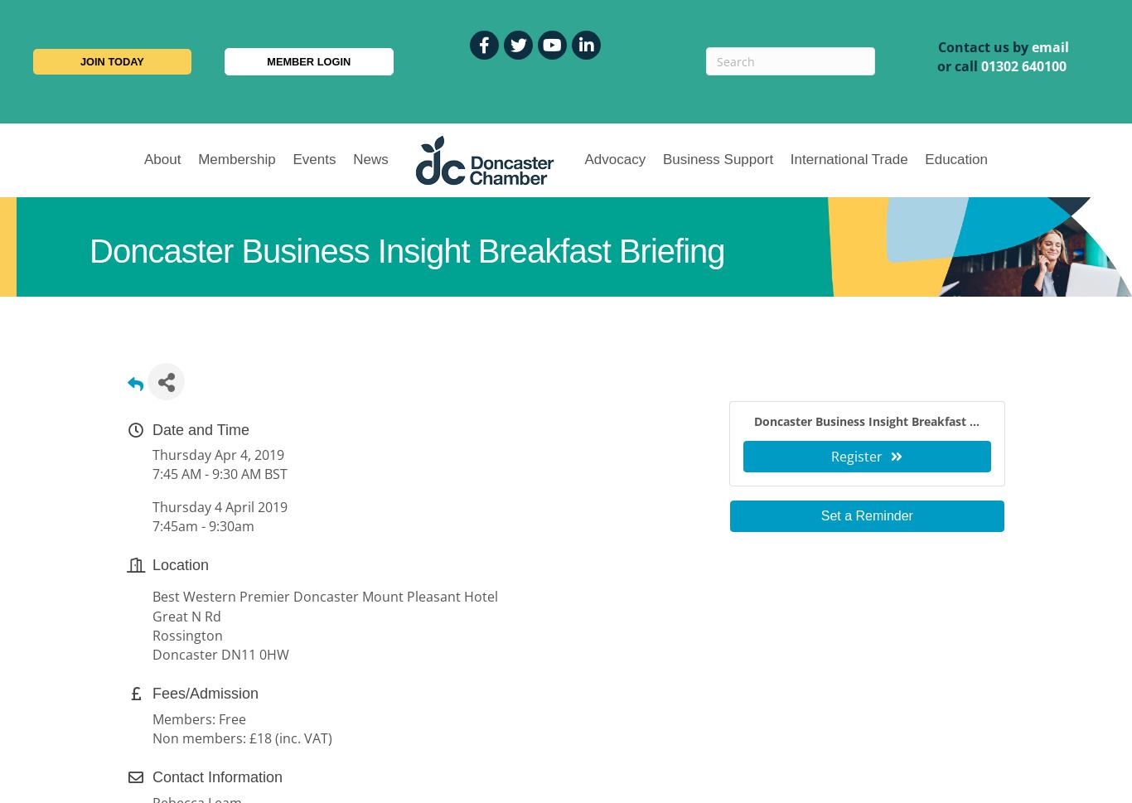  I want to click on 'International Trade', so click(848, 158).